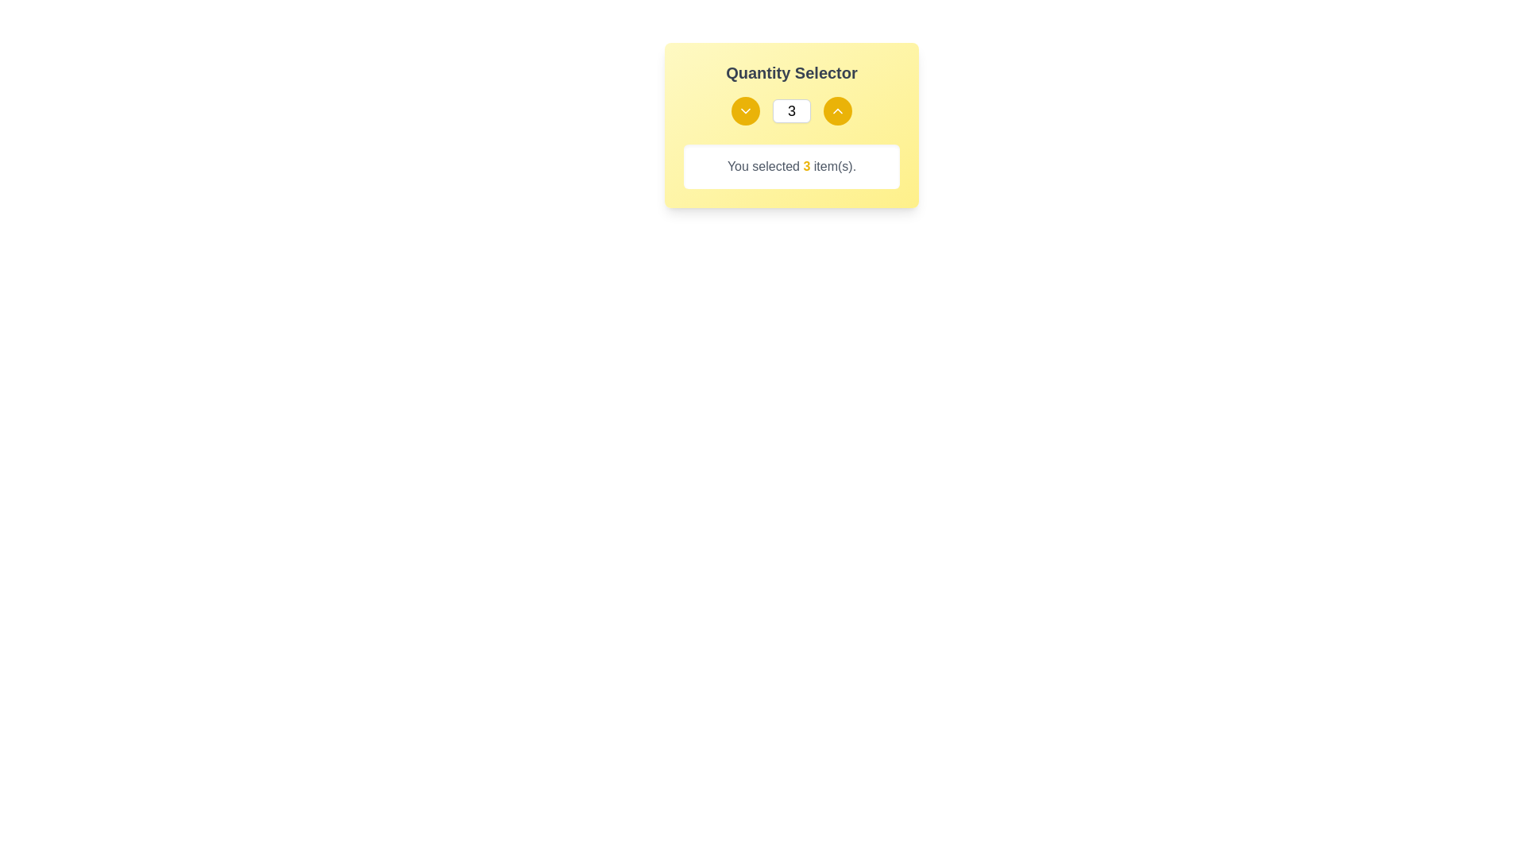 The height and width of the screenshot is (858, 1525). What do you see at coordinates (792, 110) in the screenshot?
I see `the Numeric Input Field displaying the number '3' to focus on it` at bounding box center [792, 110].